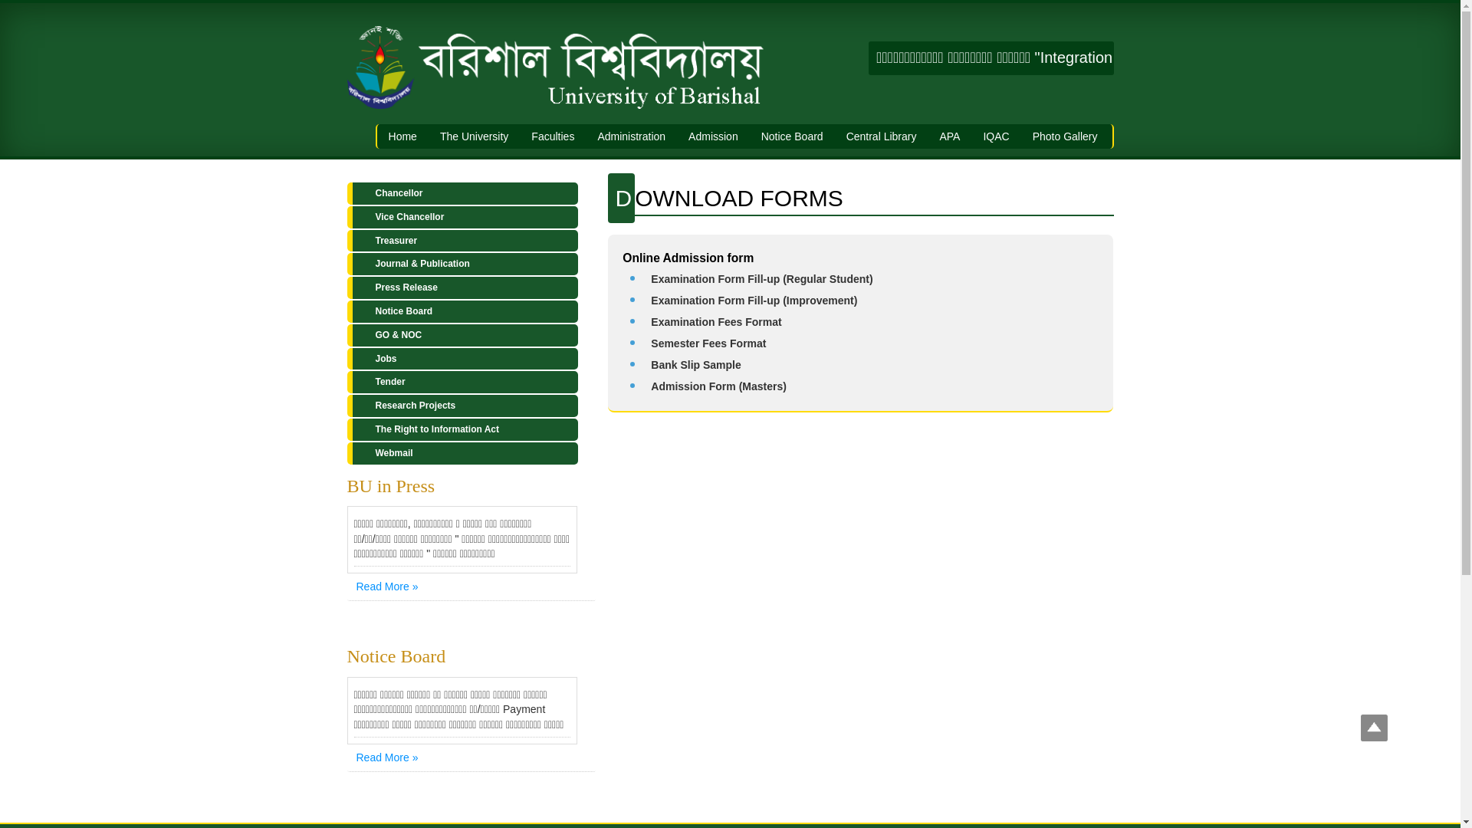  What do you see at coordinates (461, 334) in the screenshot?
I see `'GO & NOC'` at bounding box center [461, 334].